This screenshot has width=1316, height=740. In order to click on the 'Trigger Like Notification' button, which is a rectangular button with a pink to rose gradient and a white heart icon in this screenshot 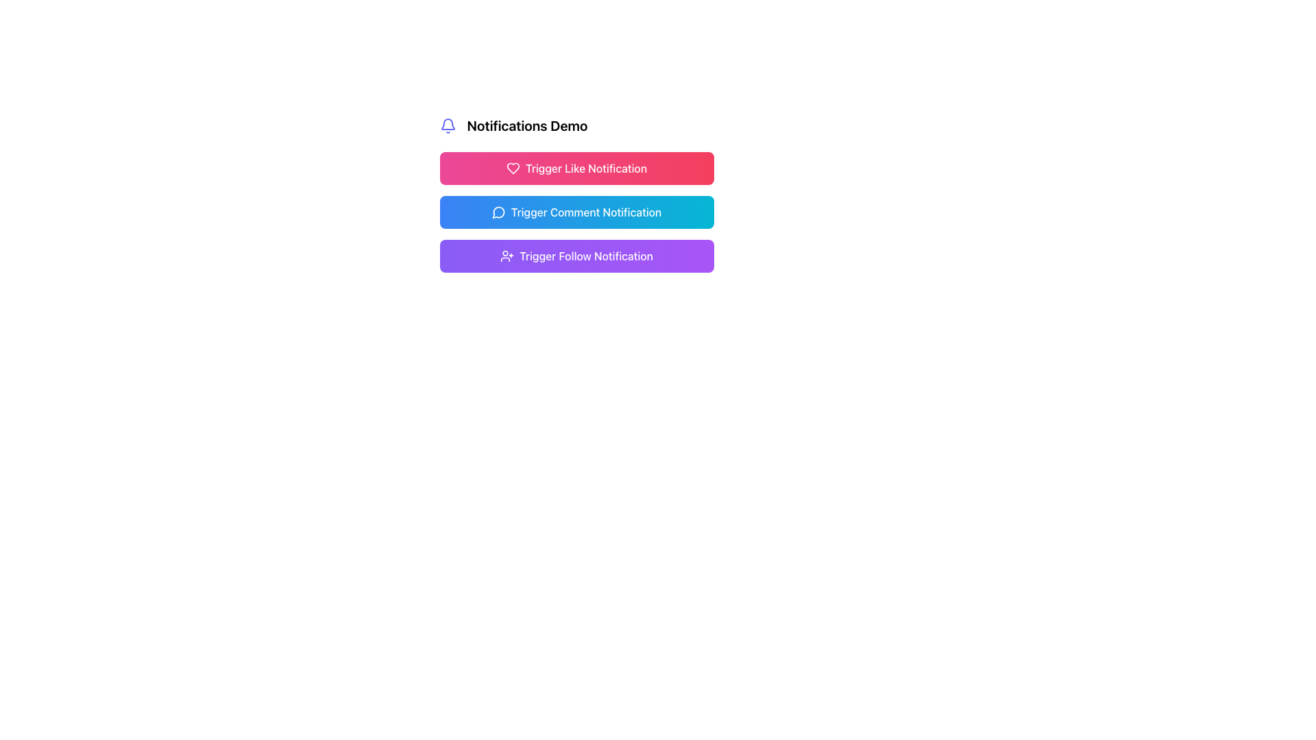, I will do `click(576, 168)`.